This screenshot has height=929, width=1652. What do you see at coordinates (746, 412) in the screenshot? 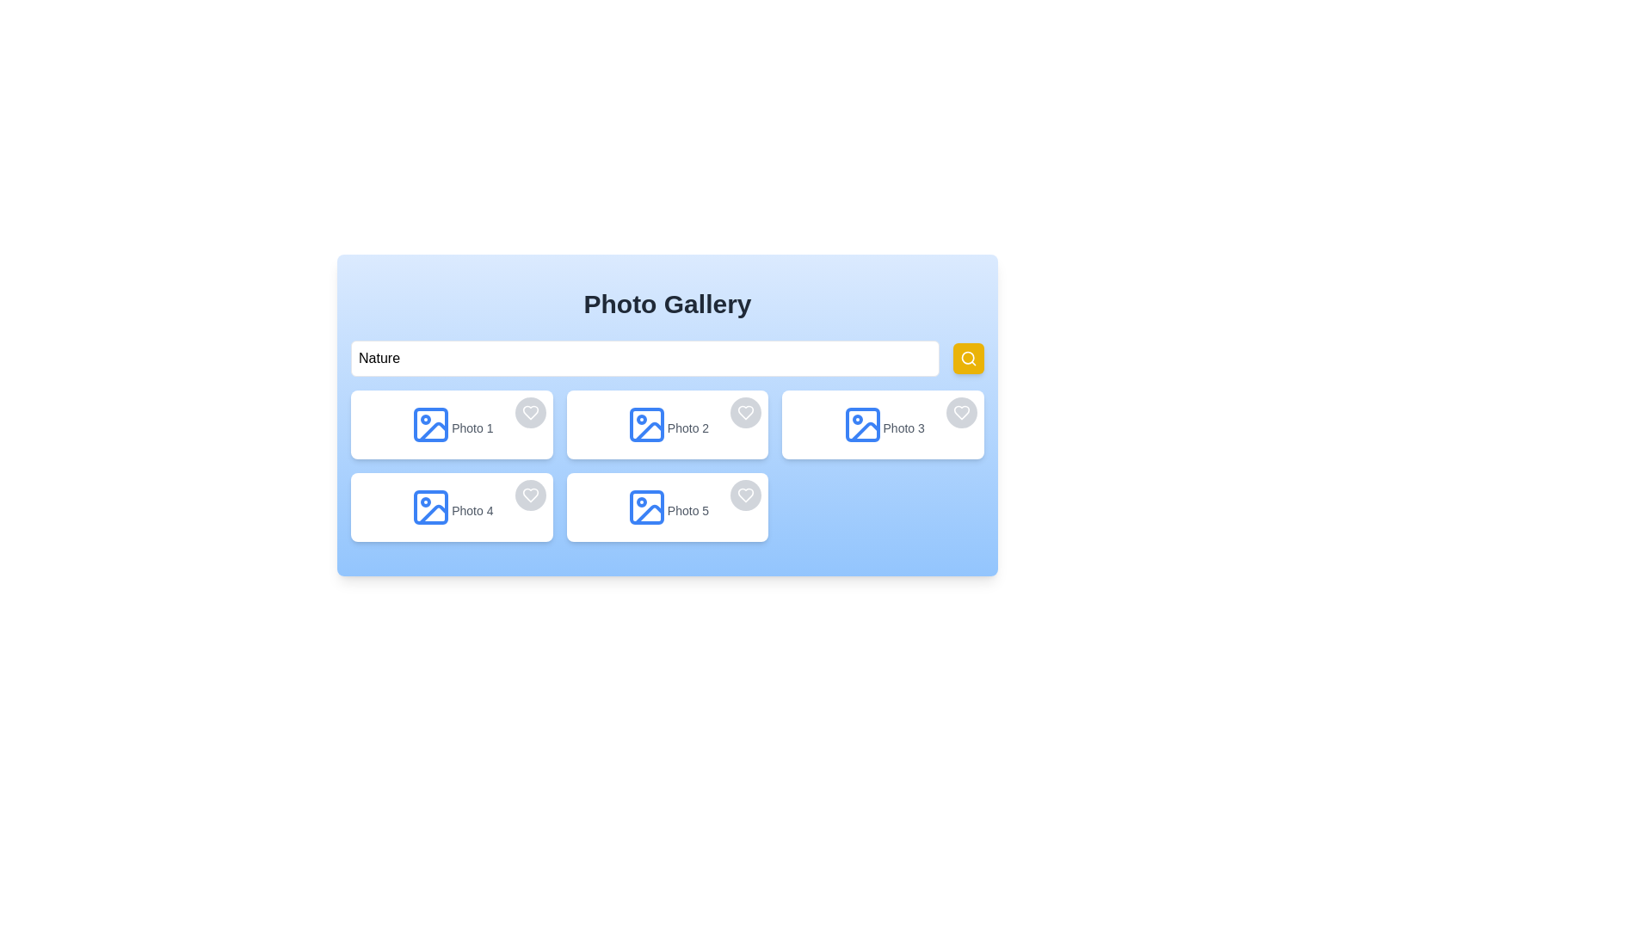
I see `the heart-shaped icon button located at the bottom-right corner of the thumbnail for 'Photo 2' in the photo gallery interface` at bounding box center [746, 412].